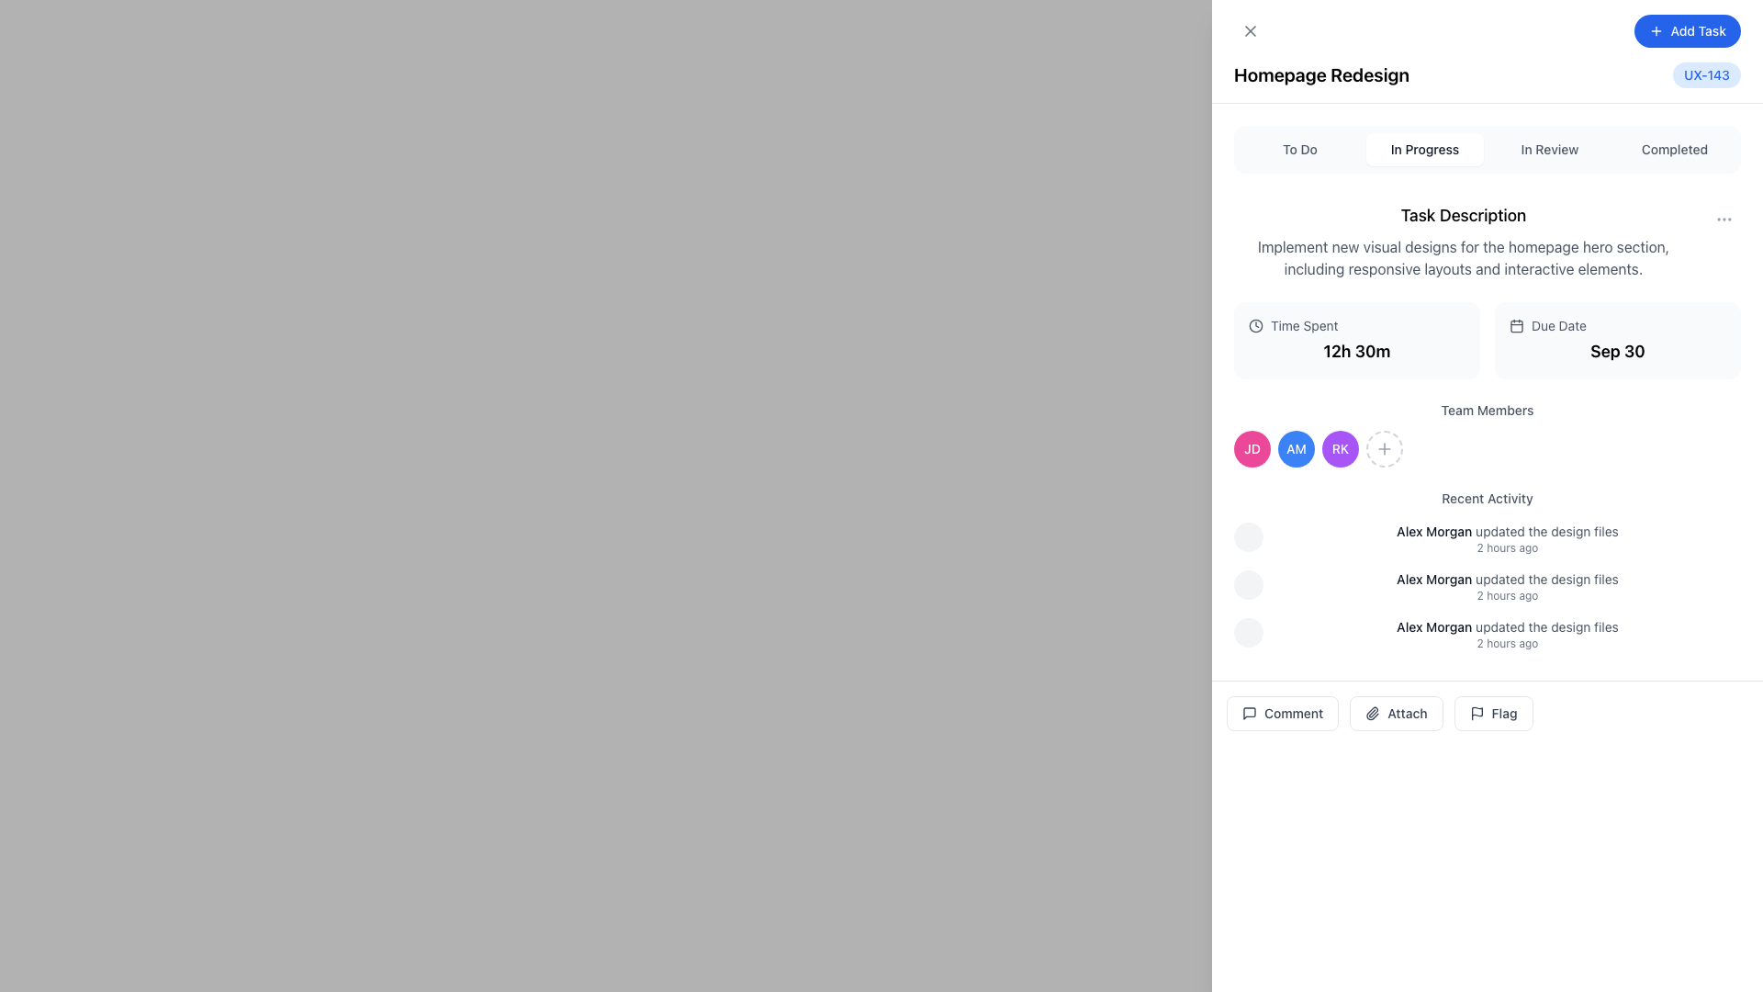 This screenshot has width=1763, height=992. Describe the element at coordinates (1396, 712) in the screenshot. I see `the 'Attach' button, which is the second button in the options 'Comment', 'Attach', and 'Flag'` at that location.